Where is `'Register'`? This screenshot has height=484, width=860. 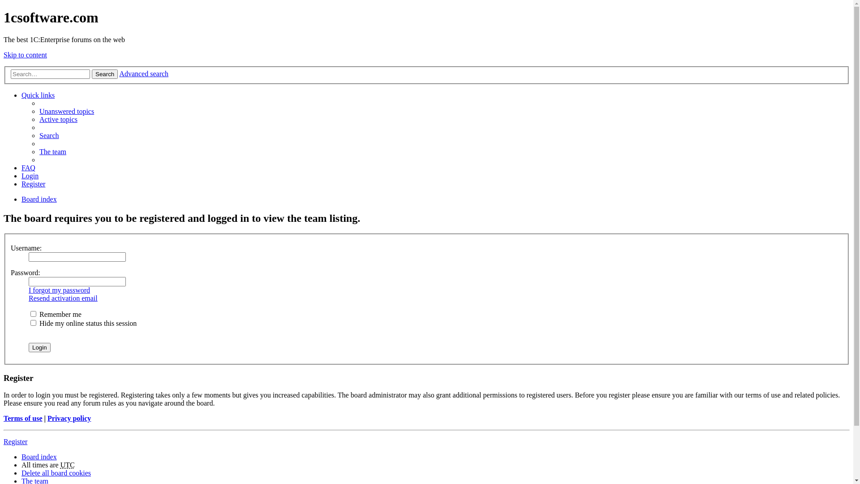 'Register' is located at coordinates (15, 441).